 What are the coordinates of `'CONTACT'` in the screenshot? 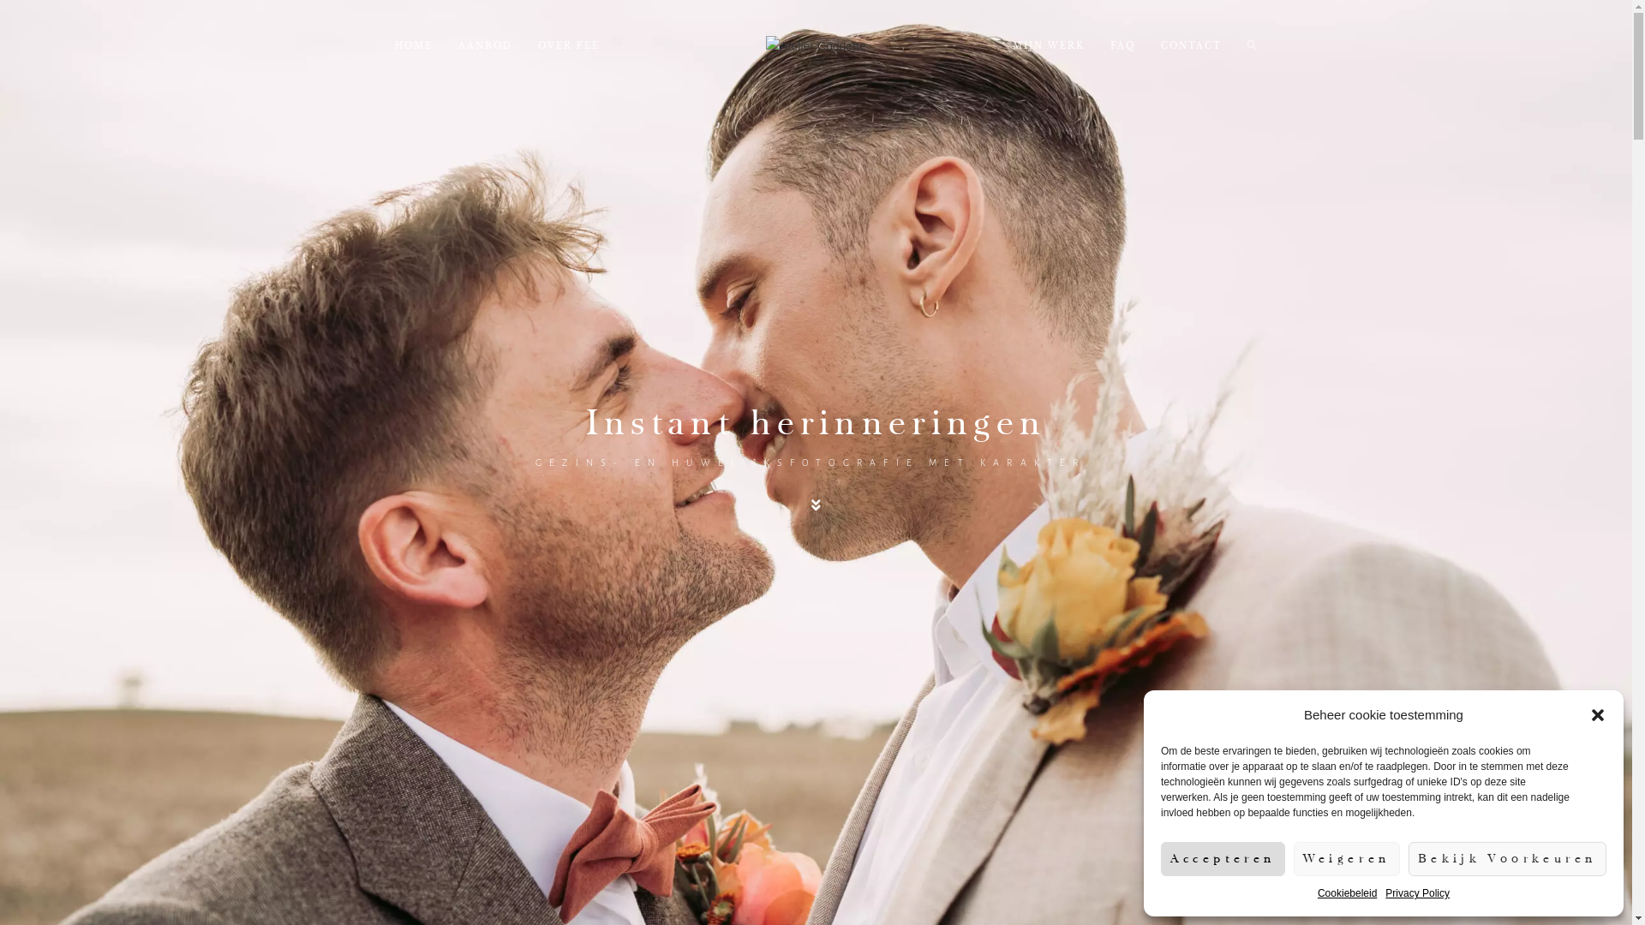 It's located at (1190, 45).